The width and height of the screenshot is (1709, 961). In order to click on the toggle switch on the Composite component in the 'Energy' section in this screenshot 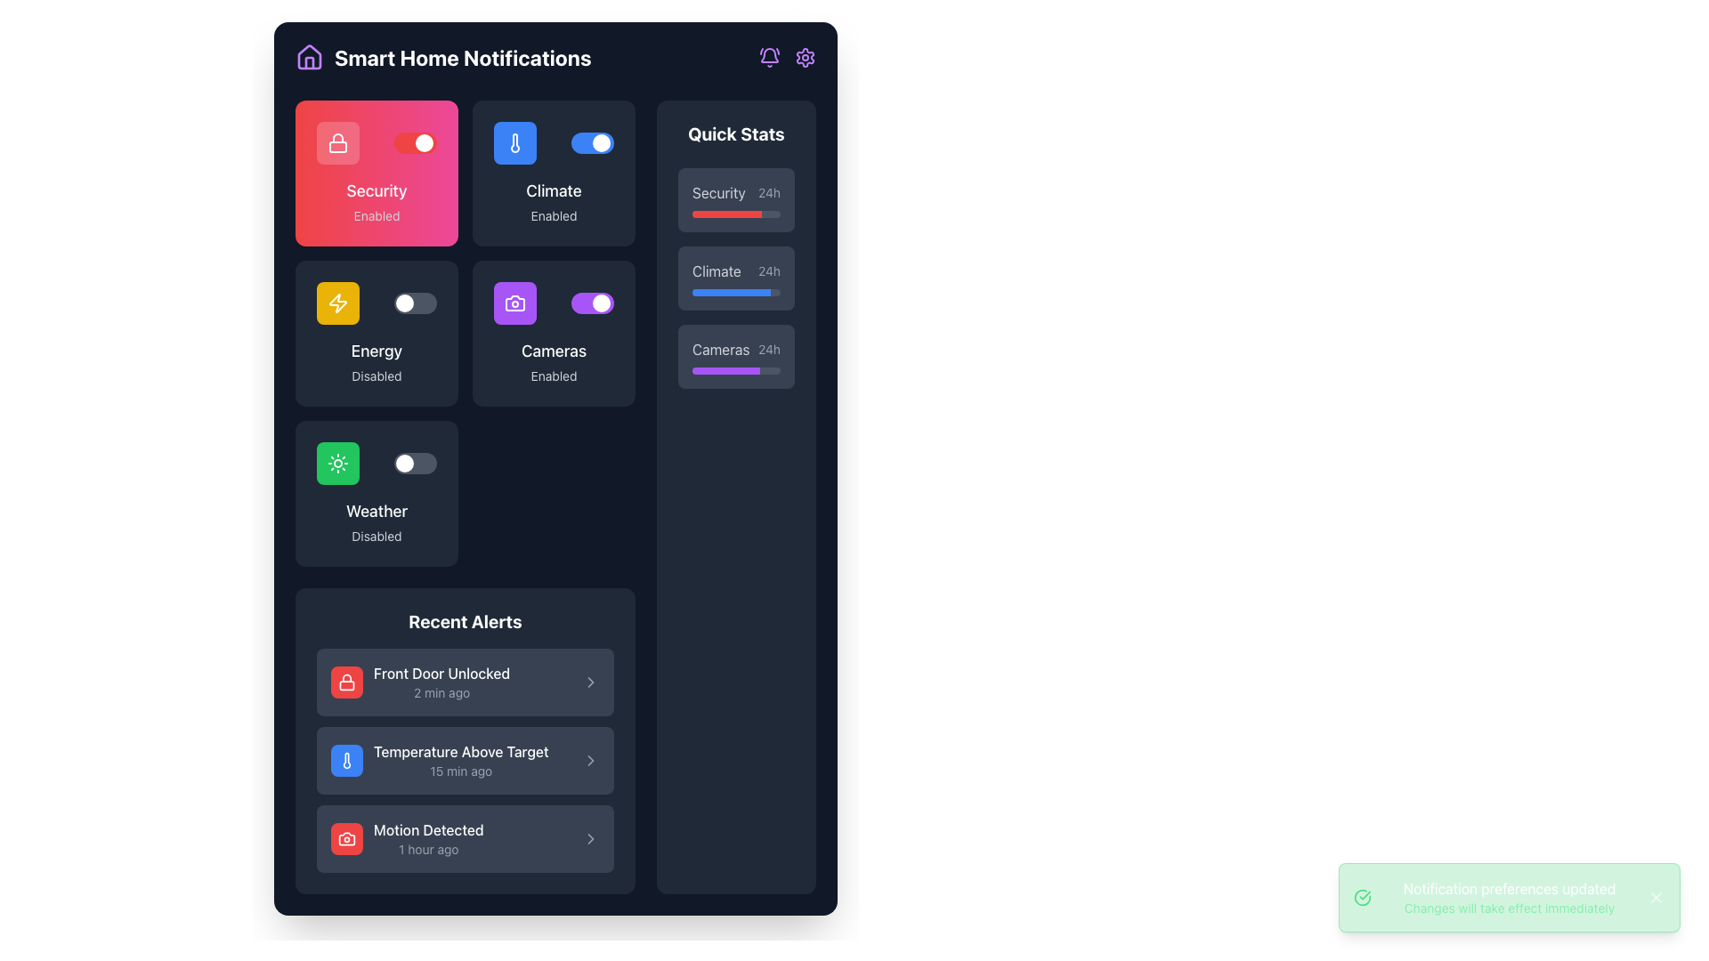, I will do `click(376, 302)`.